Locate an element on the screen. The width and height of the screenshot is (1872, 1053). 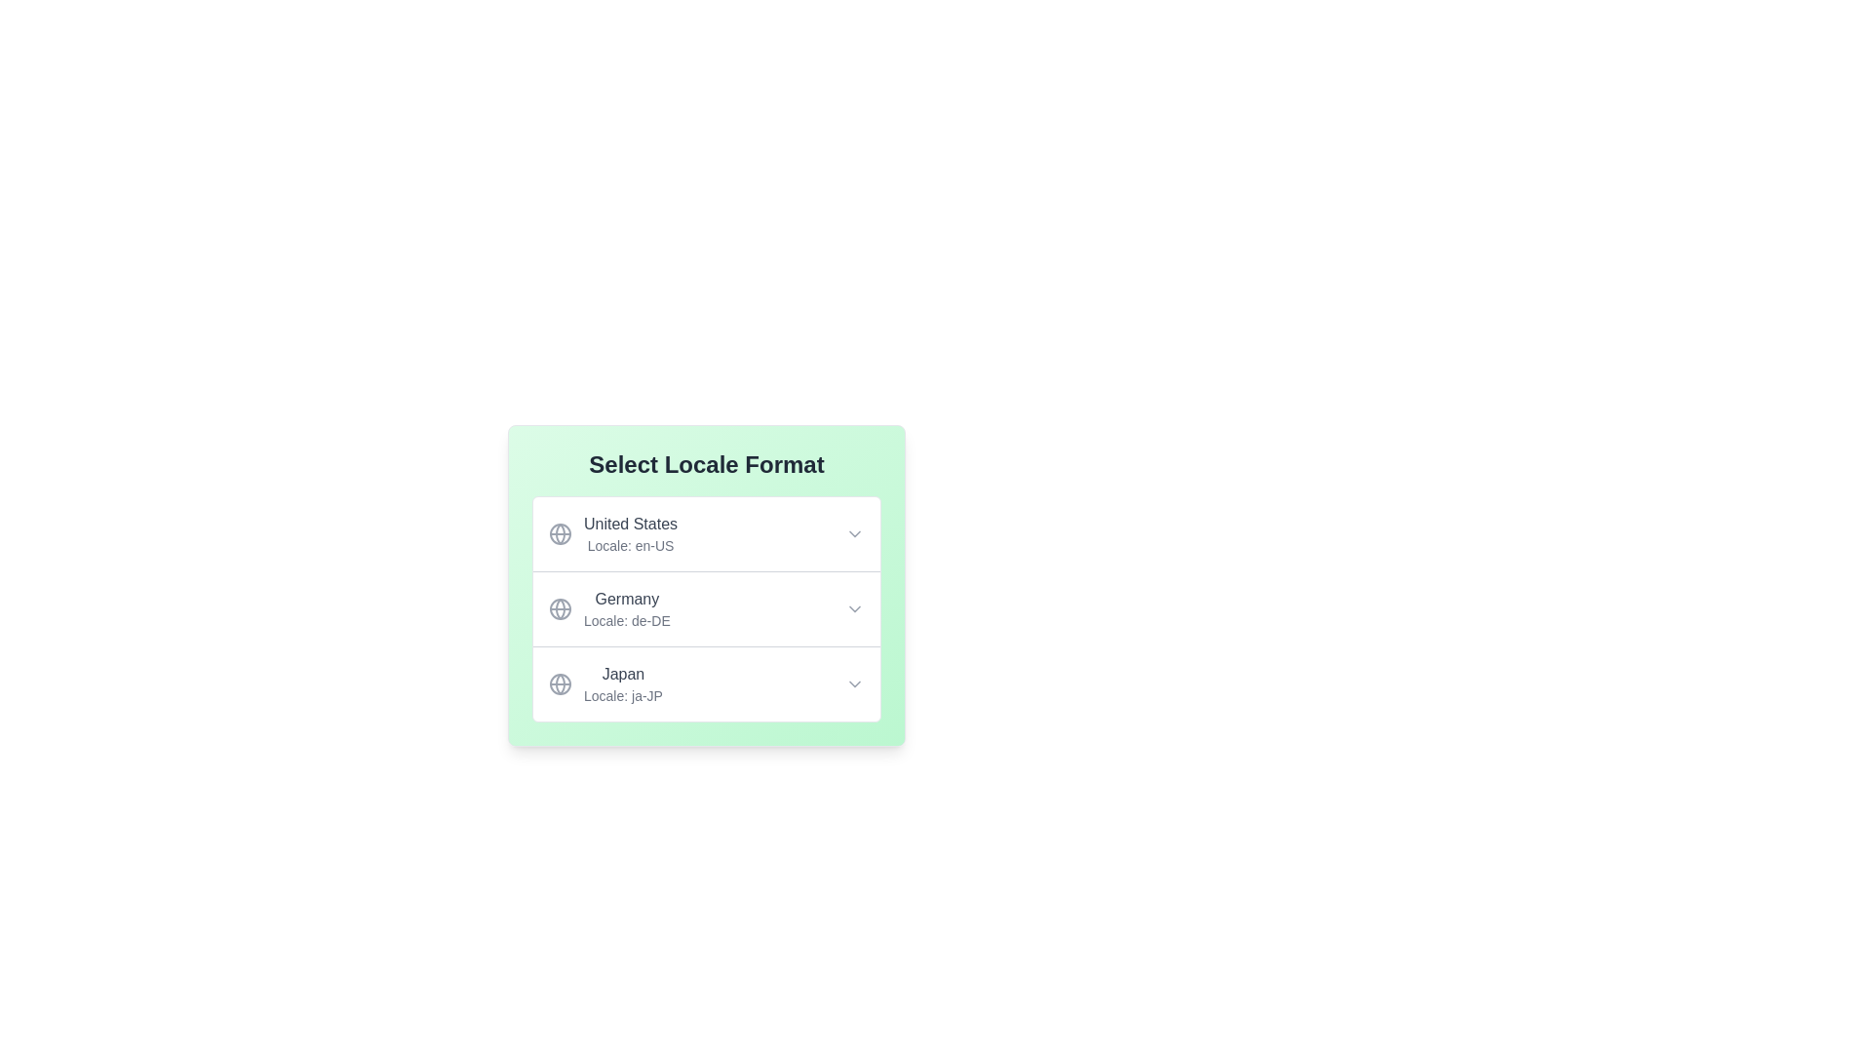
the downward-facing chevron icon located to the right side of the 'Germany' text is located at coordinates (855, 607).